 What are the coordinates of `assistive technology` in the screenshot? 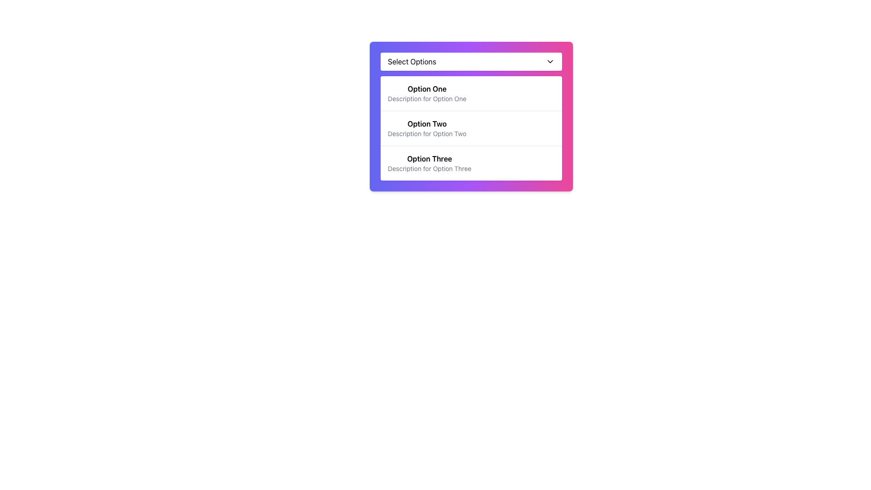 It's located at (429, 158).